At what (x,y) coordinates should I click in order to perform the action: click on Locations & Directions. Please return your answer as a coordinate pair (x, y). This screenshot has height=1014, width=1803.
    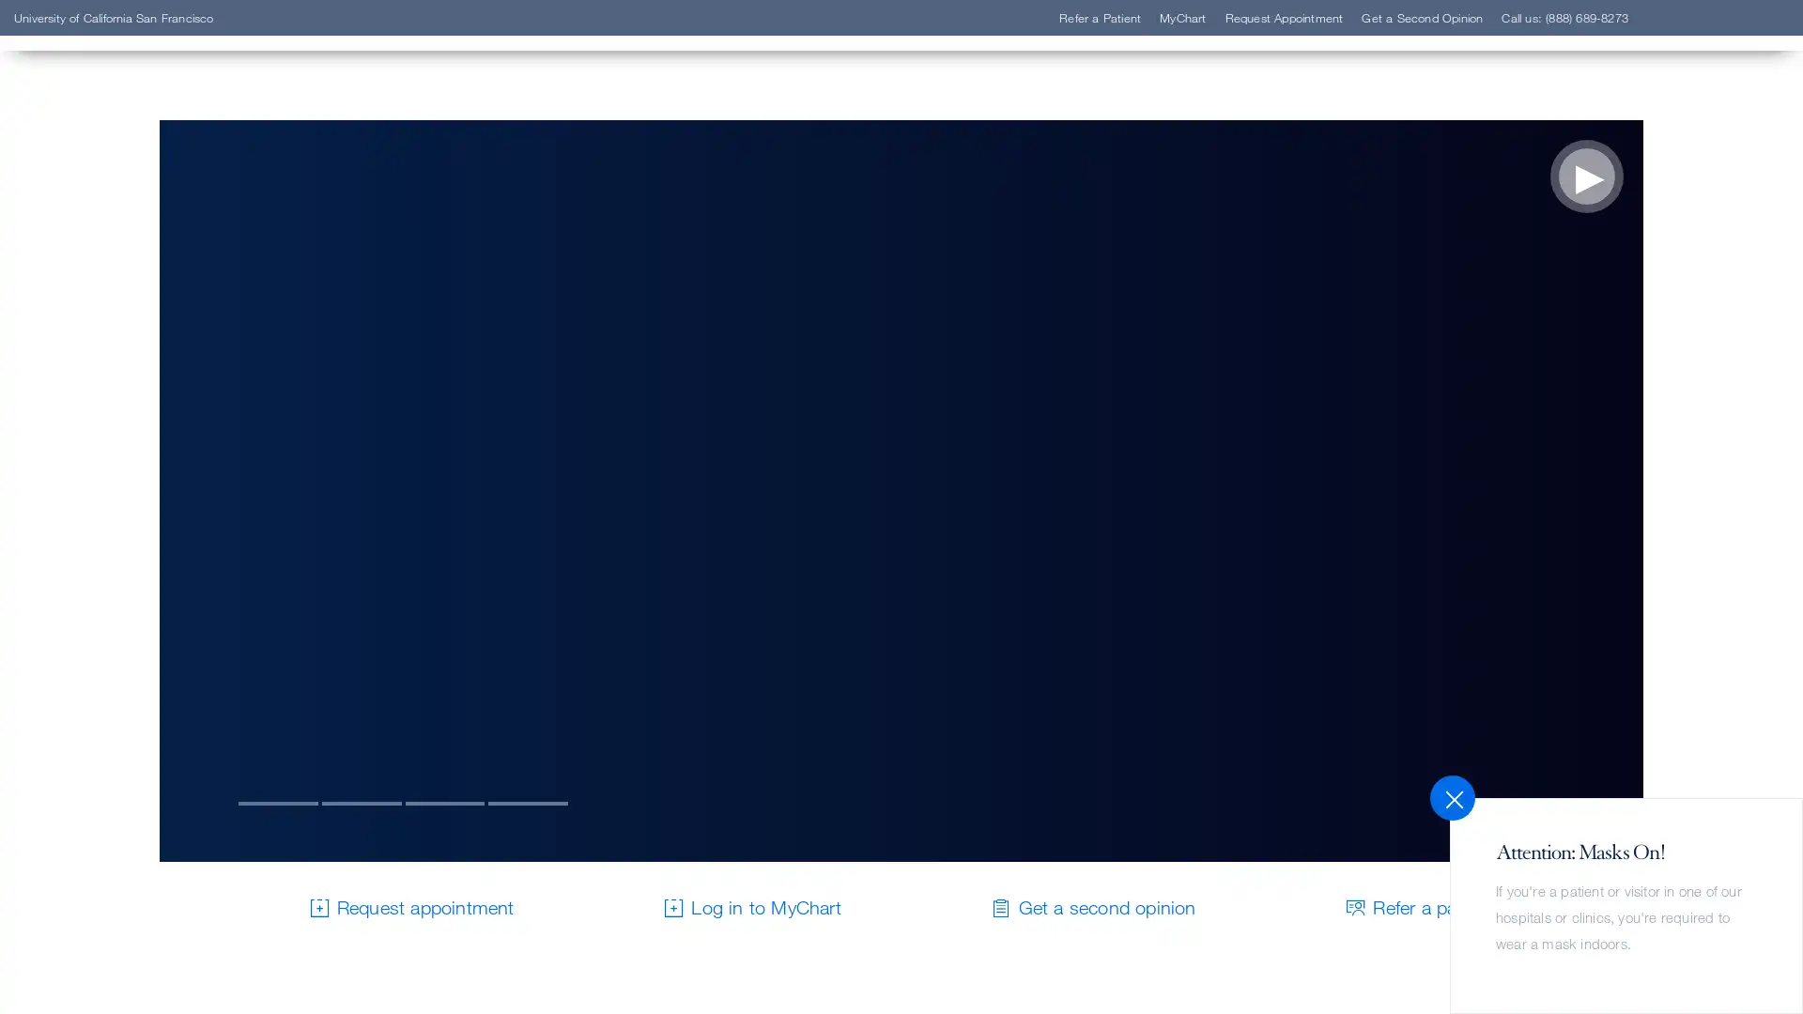
    Looking at the image, I should click on (167, 416).